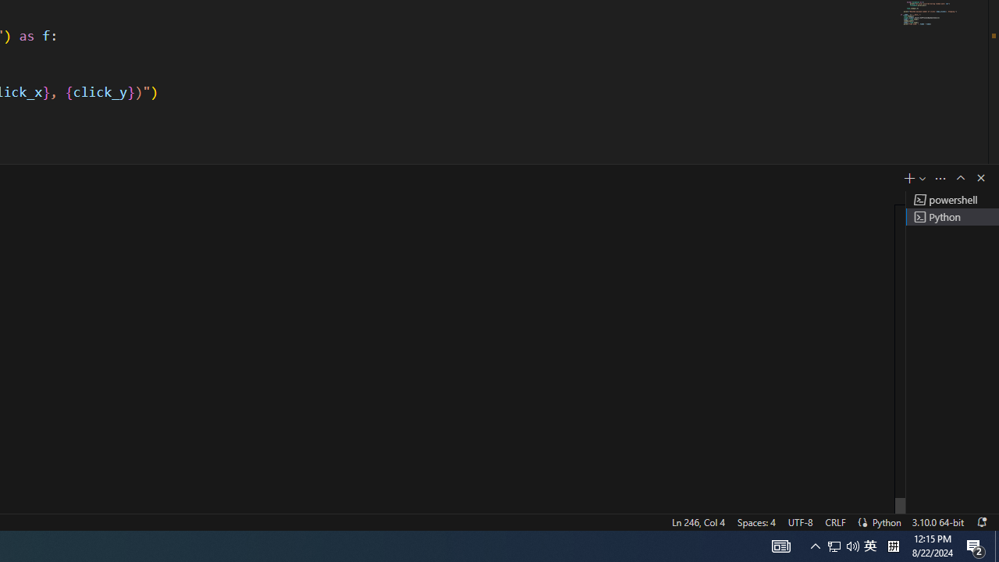 This screenshot has width=999, height=562. Describe the element at coordinates (951, 216) in the screenshot. I see `'Terminal 2 Python'` at that location.